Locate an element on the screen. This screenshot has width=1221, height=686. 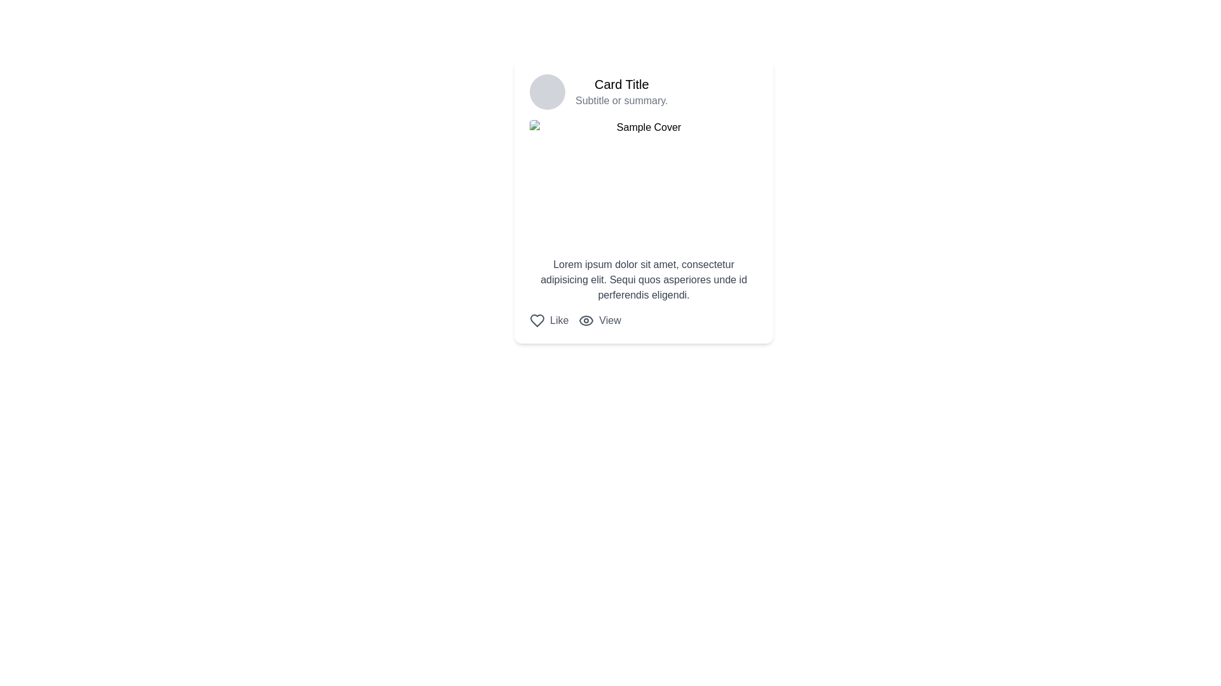
the 'Like' SVG Vector Icon located at the bottom-left corner of the card layout is located at coordinates (537, 320).